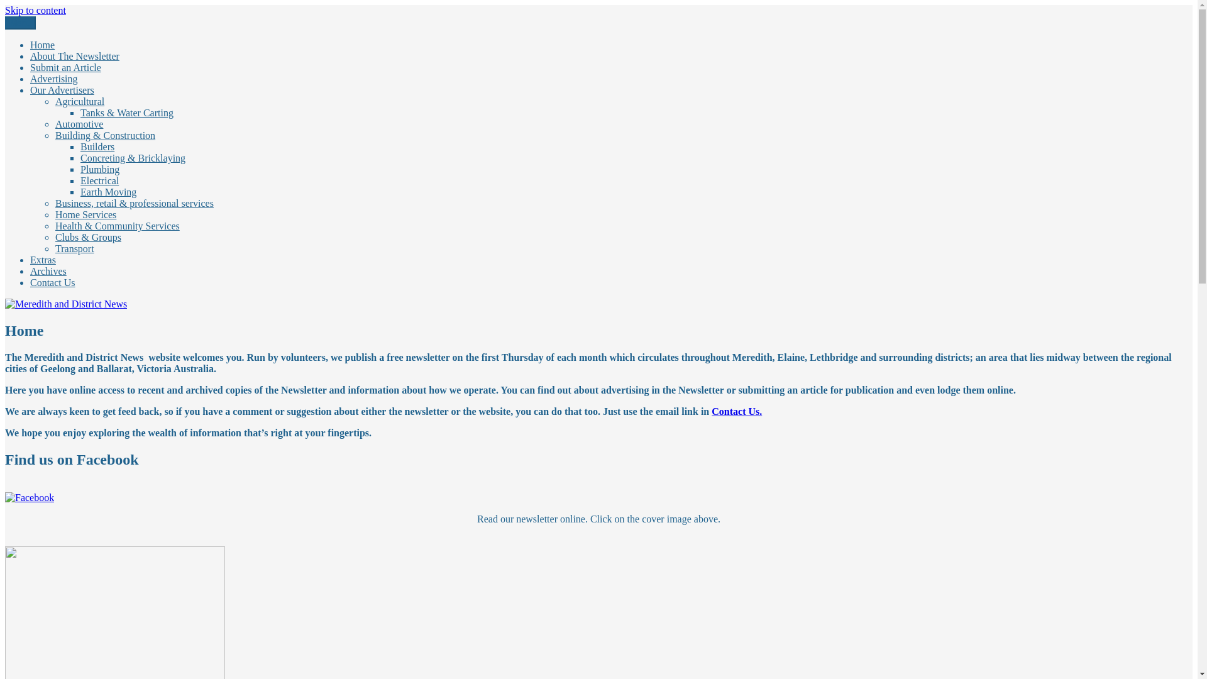 Image resolution: width=1207 pixels, height=679 pixels. I want to click on 'Meredith and District News', so click(60, 31).